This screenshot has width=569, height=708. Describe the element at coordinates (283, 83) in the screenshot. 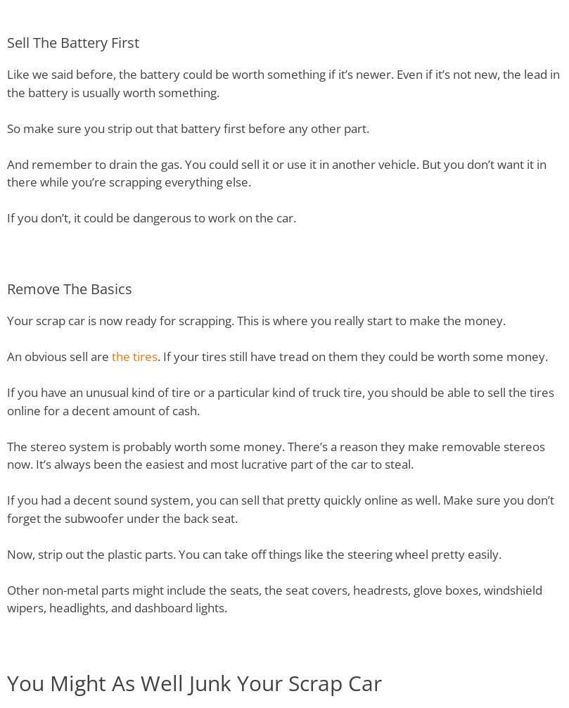

I see `'Like we said before, the battery could be worth something if it’s newer. Even if it’s not new, the lead in the battery is usually worth something.'` at that location.